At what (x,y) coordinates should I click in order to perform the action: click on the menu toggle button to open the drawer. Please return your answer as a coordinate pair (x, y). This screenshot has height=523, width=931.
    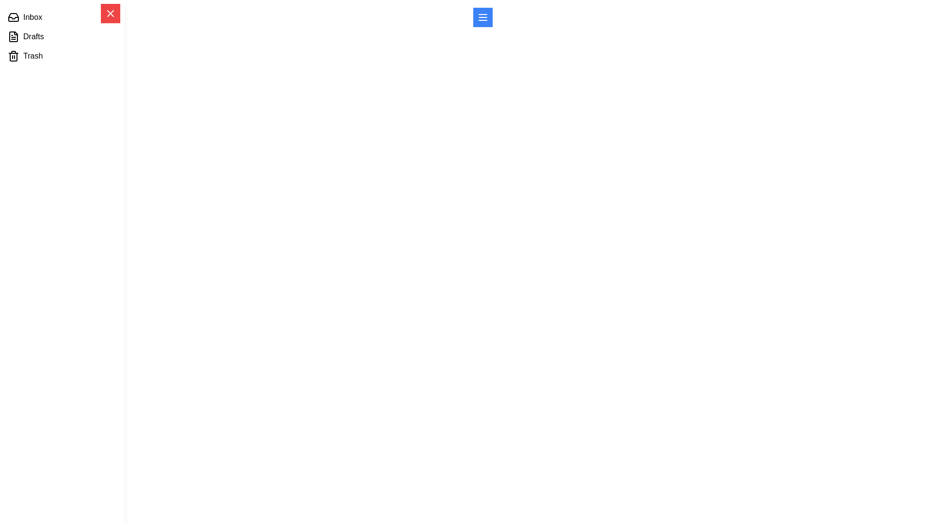
    Looking at the image, I should click on (483, 17).